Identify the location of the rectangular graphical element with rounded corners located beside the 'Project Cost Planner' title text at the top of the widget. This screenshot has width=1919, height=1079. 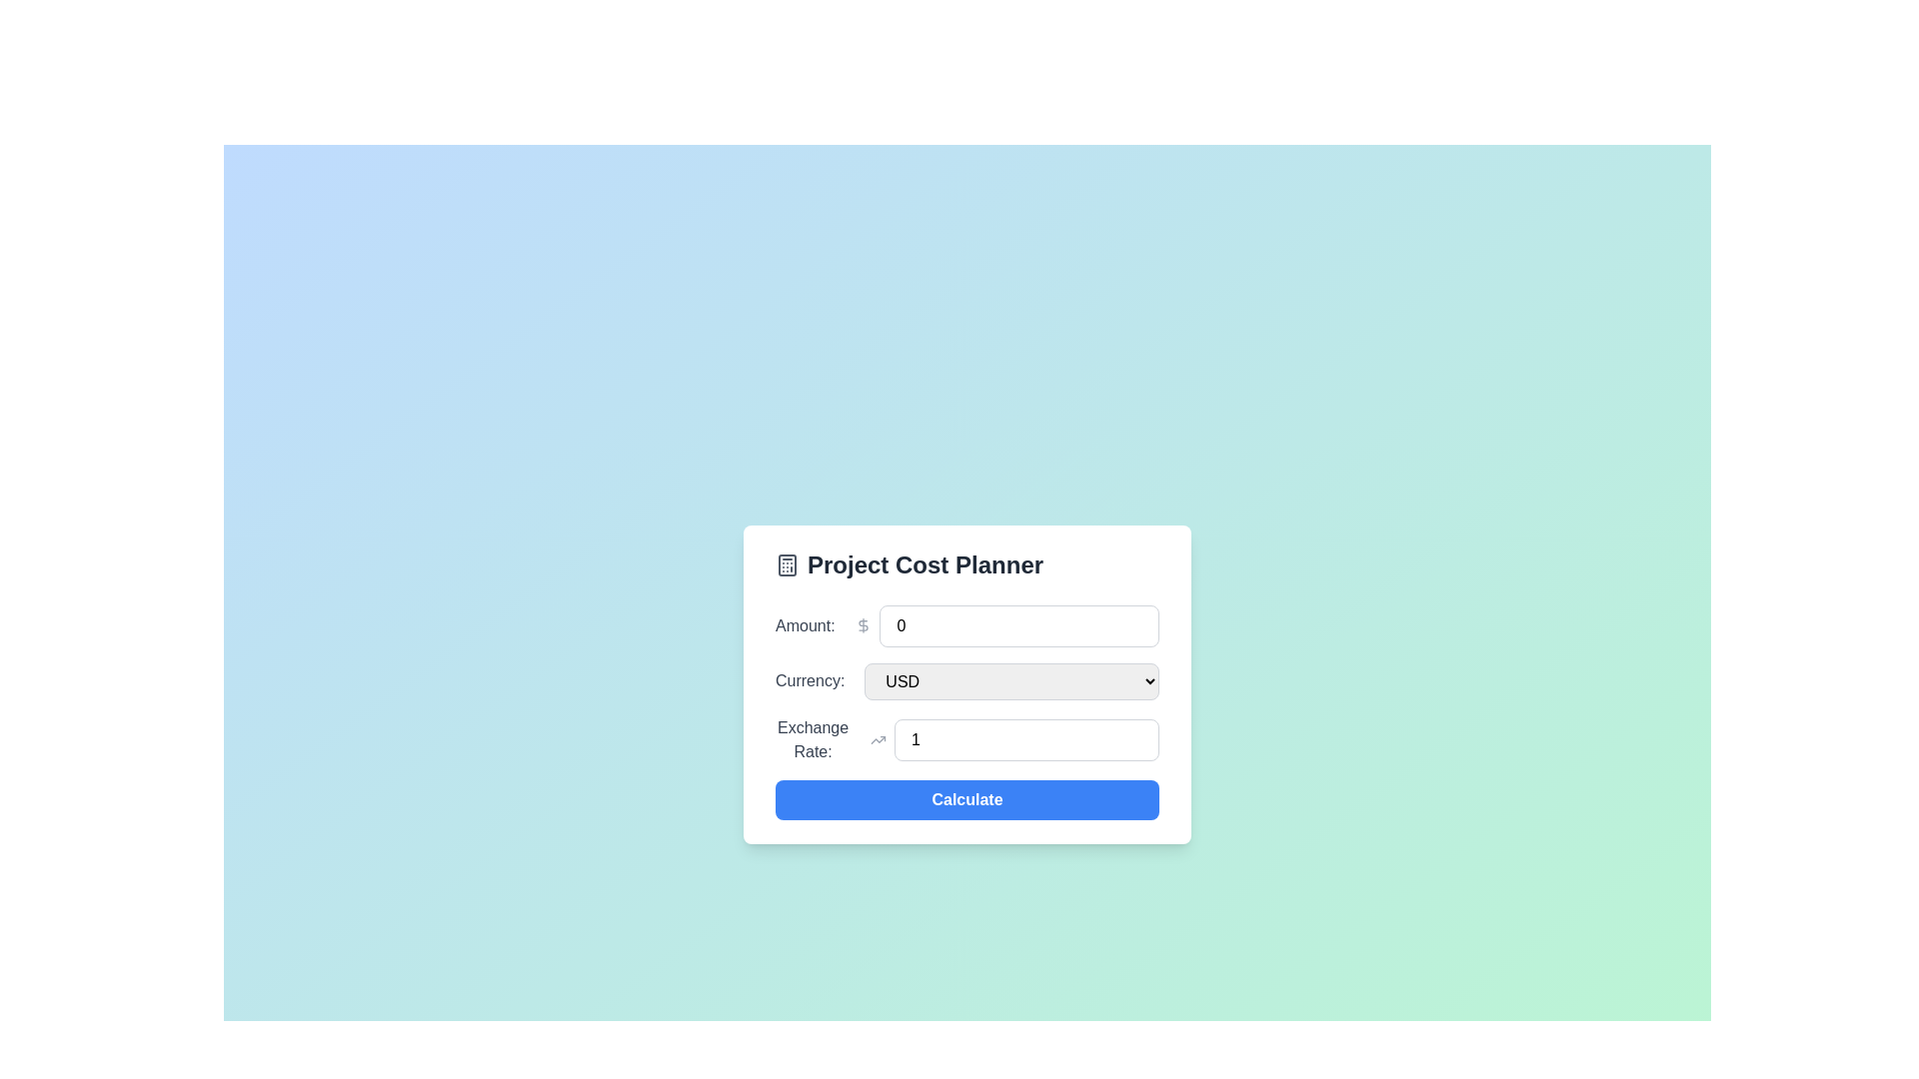
(786, 564).